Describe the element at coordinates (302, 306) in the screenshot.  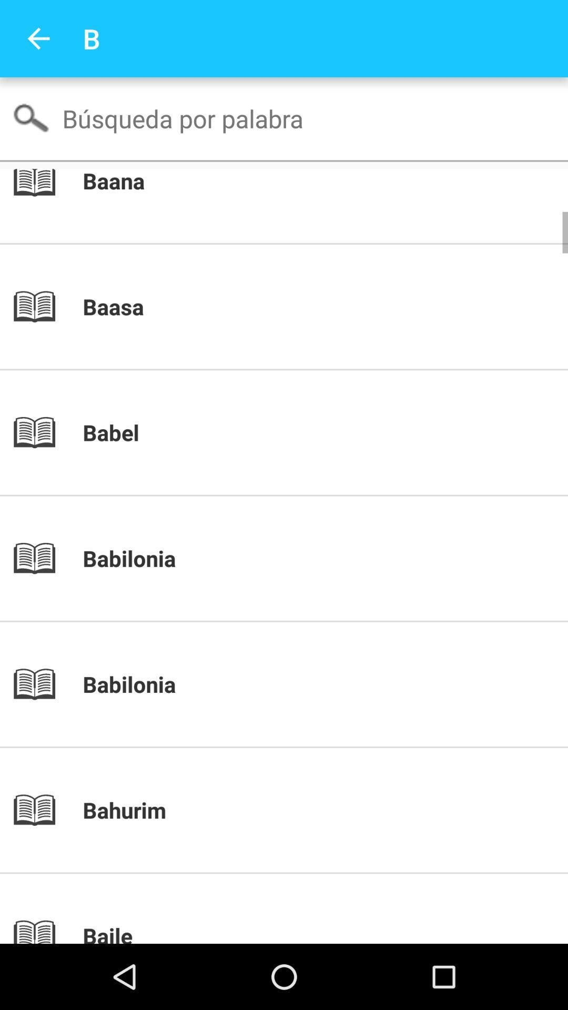
I see `baasa icon` at that location.